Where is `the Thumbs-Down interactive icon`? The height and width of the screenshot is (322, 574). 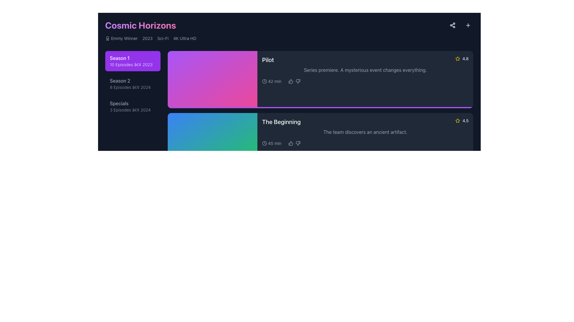 the Thumbs-Down interactive icon is located at coordinates (298, 81).